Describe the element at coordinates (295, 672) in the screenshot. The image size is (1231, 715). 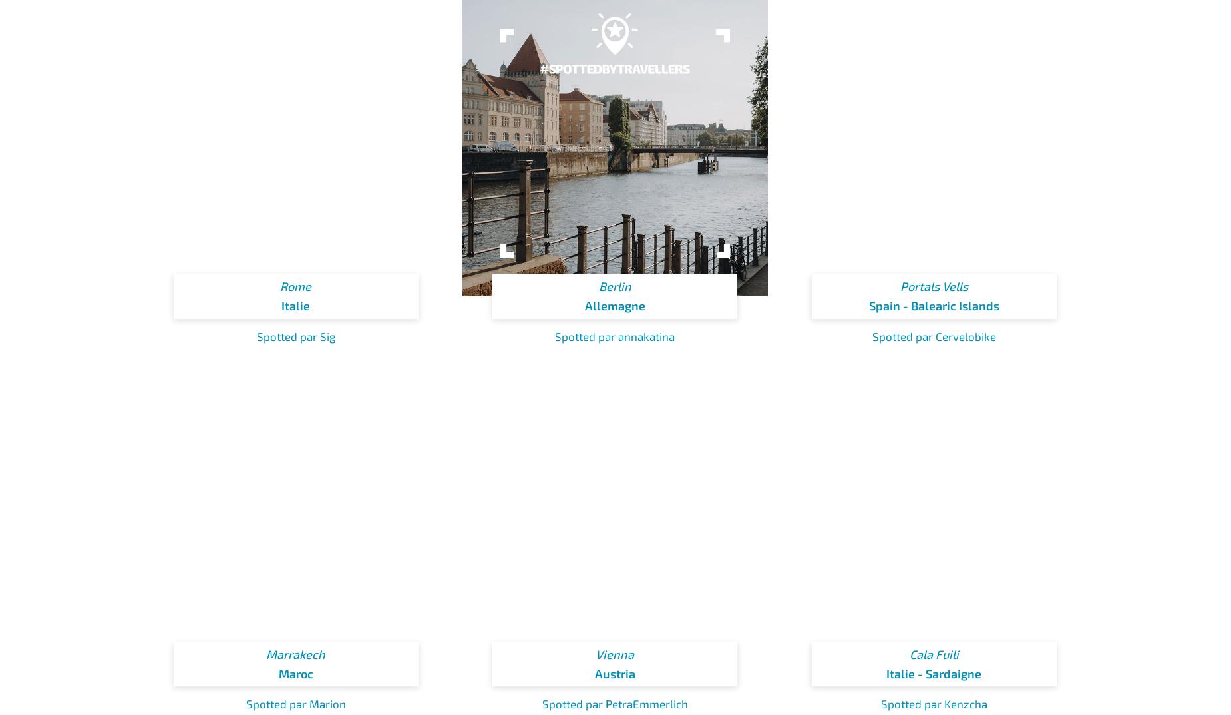
I see `'Maroc'` at that location.